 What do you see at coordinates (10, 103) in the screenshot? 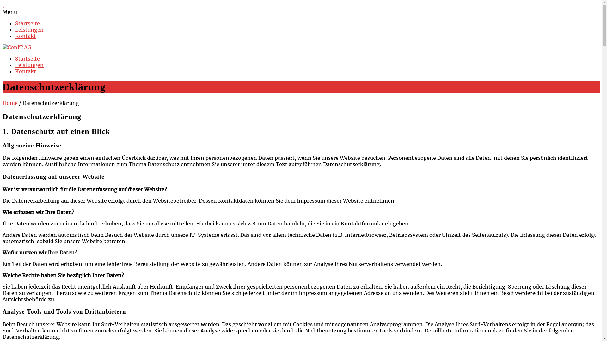
I see `'Home'` at bounding box center [10, 103].